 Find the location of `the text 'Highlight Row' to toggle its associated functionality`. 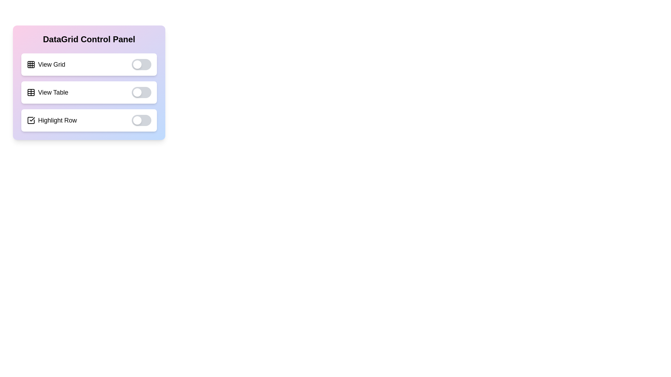

the text 'Highlight Row' to toggle its associated functionality is located at coordinates (88, 120).